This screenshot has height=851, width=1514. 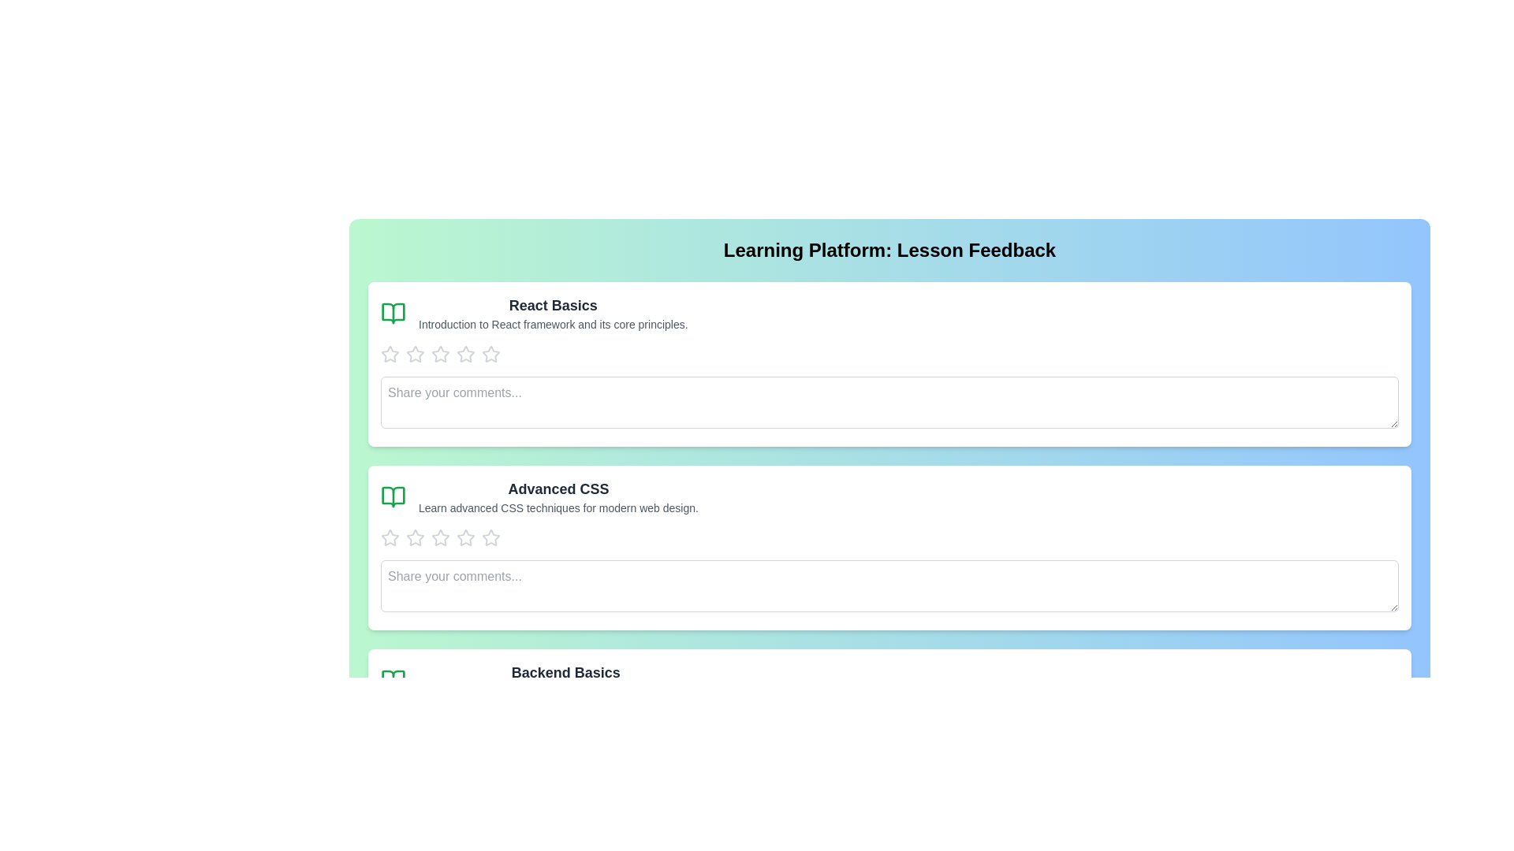 What do you see at coordinates (490, 537) in the screenshot?
I see `the eighth star icon in the horizontal sequence of rating icons for the 'Advanced CSS' lesson` at bounding box center [490, 537].